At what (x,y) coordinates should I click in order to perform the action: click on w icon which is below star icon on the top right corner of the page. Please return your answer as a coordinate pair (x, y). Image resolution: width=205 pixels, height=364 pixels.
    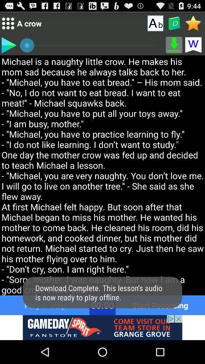
    Looking at the image, I should click on (193, 45).